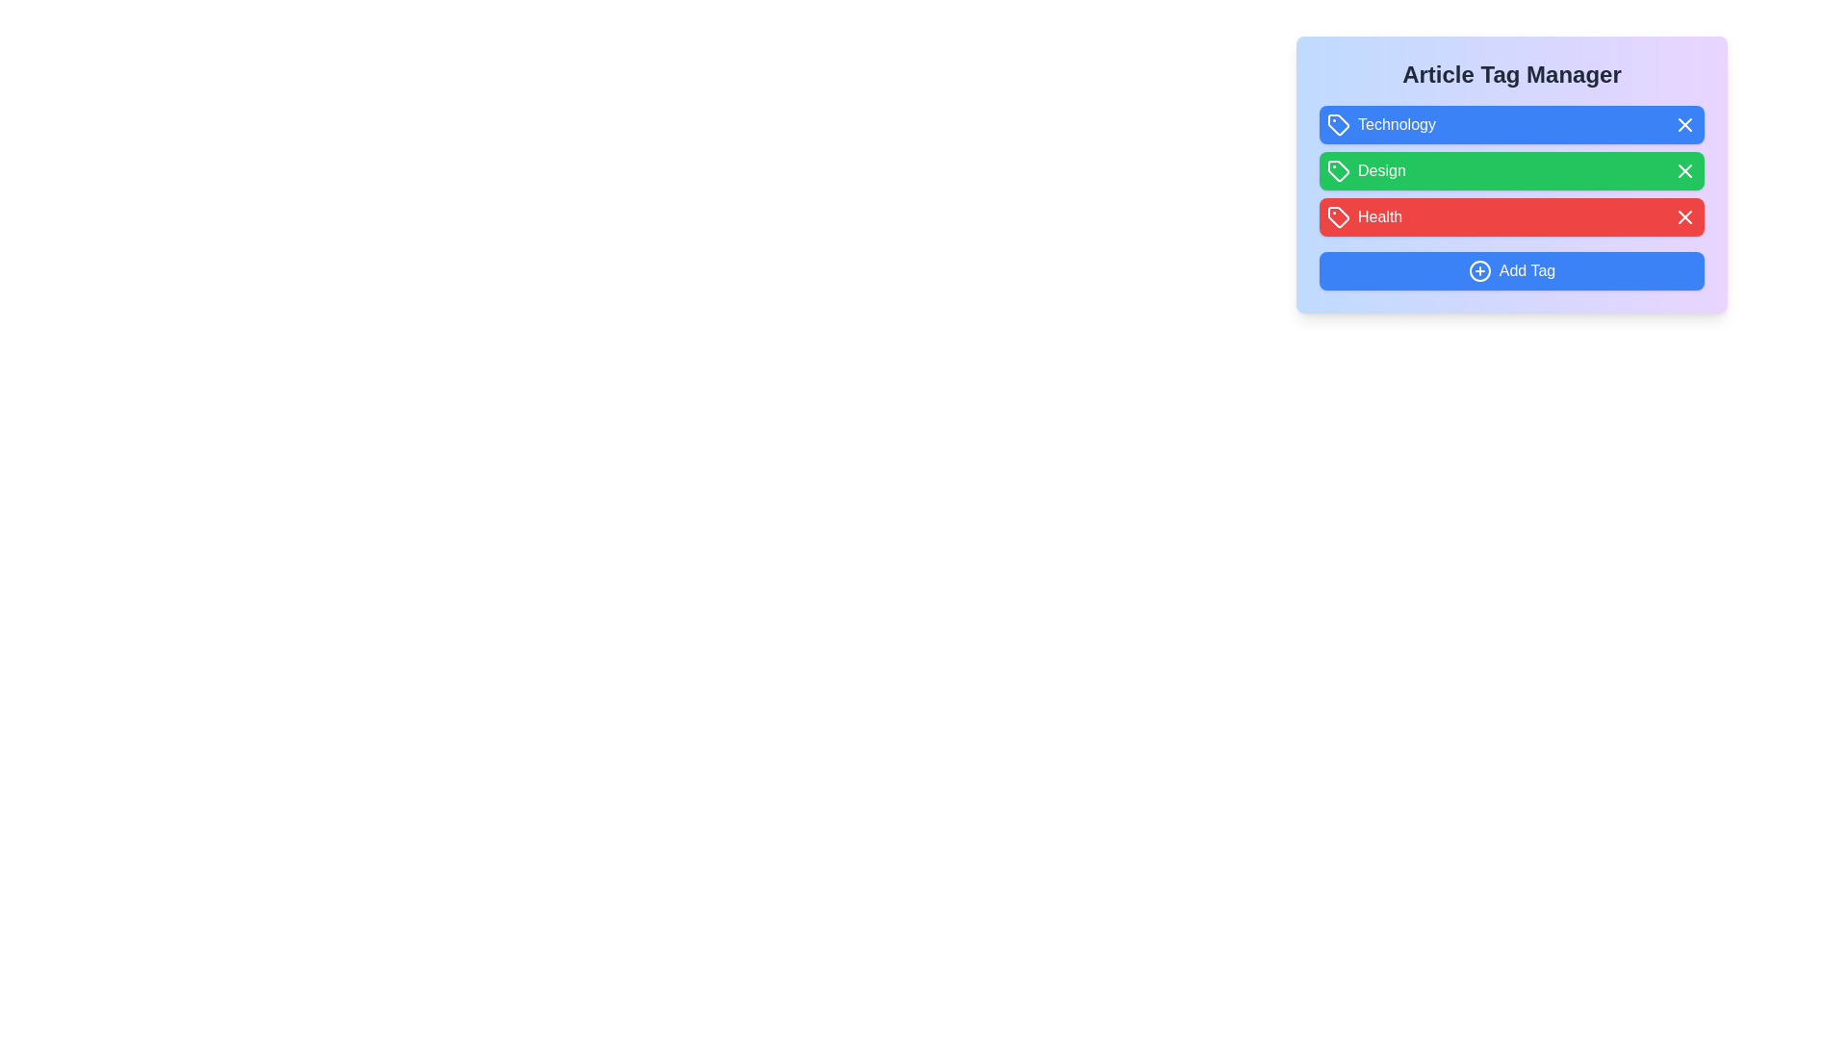  Describe the element at coordinates (1684, 216) in the screenshot. I see `'X' button on the tag labeled Health to remove it` at that location.